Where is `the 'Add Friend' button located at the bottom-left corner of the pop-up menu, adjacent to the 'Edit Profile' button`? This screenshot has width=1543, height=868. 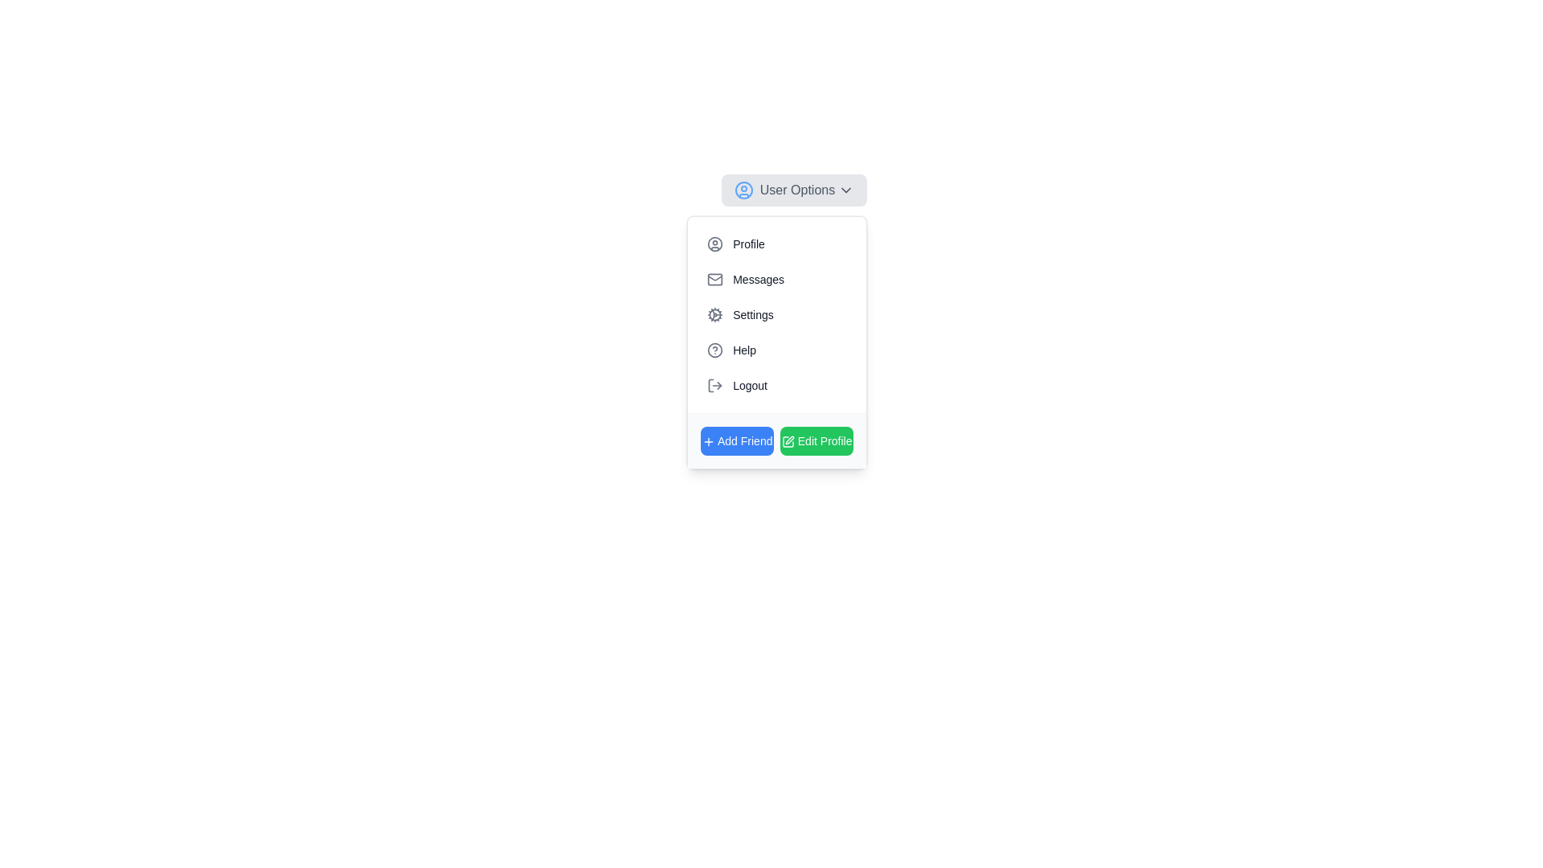
the 'Add Friend' button located at the bottom-left corner of the pop-up menu, adjacent to the 'Edit Profile' button is located at coordinates (736, 440).